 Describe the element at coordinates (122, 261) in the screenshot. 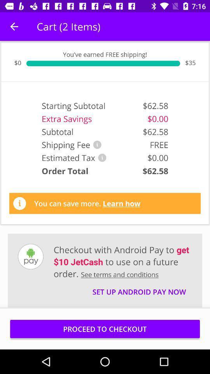

I see `item below you can save item` at that location.